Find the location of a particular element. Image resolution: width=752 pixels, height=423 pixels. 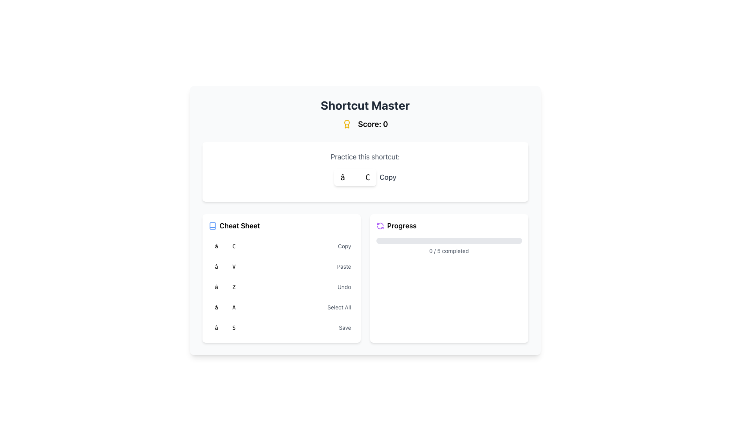

the horizontal progress bar with a light gray background and gradient filling, located in the 'Progress' card, just above the text '0 / 5 completed' is located at coordinates (449, 240).